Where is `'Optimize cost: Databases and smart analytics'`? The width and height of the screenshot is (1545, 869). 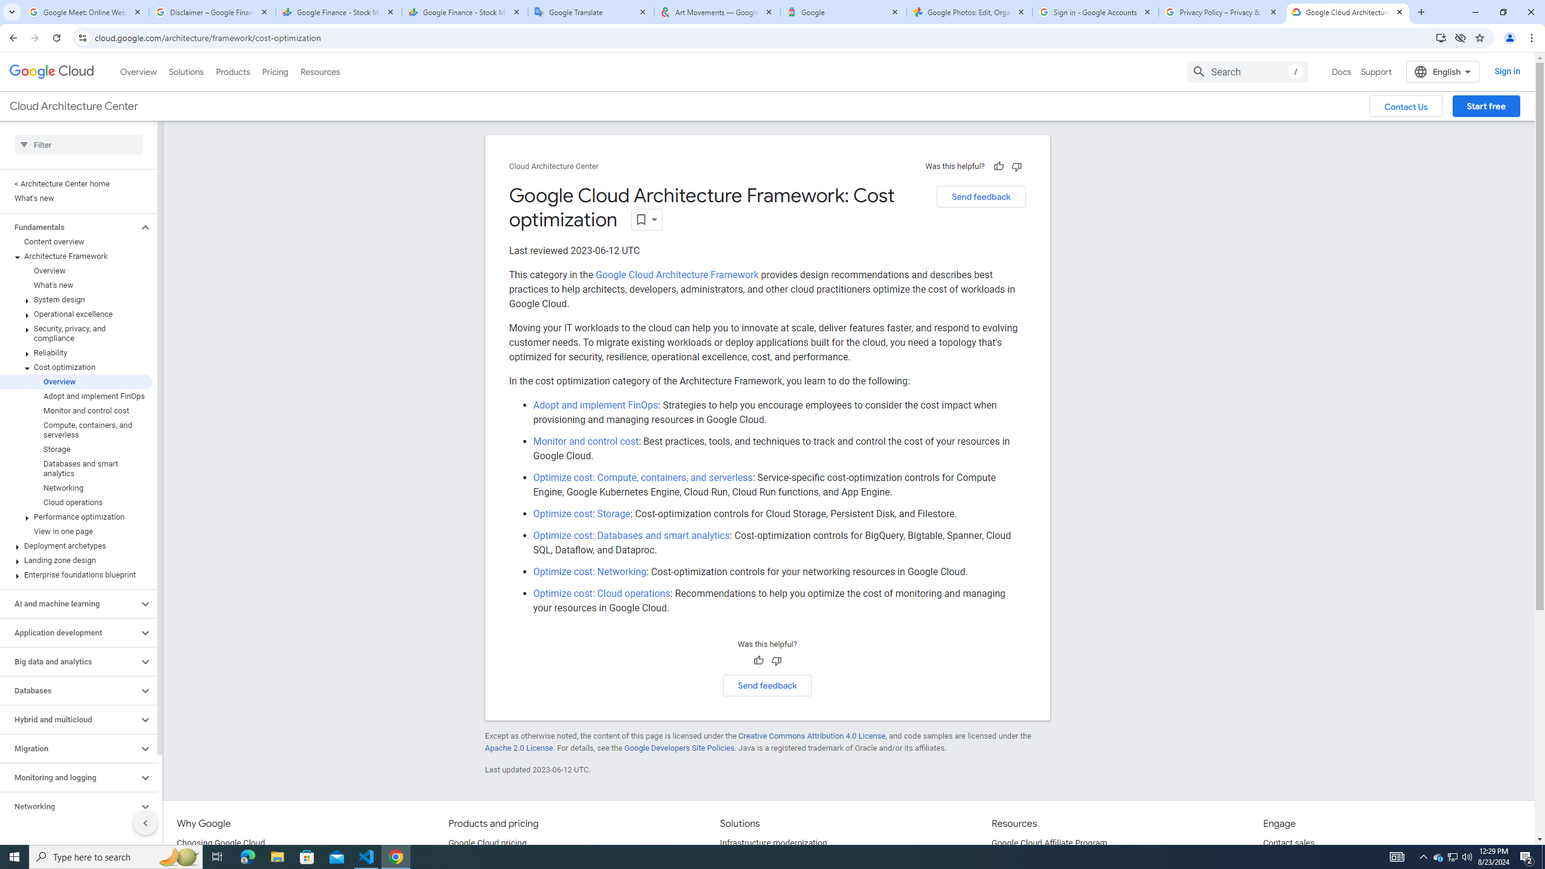
'Optimize cost: Databases and smart analytics' is located at coordinates (632, 535).